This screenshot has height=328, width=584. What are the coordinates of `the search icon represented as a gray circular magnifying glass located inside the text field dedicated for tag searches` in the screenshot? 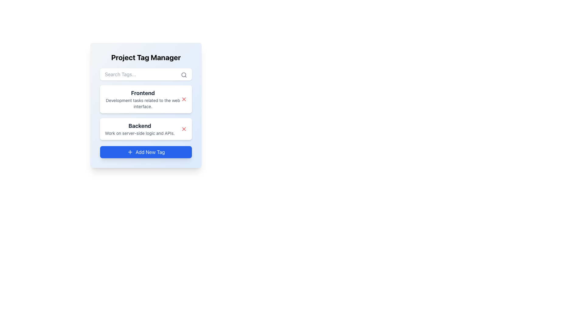 It's located at (183, 74).